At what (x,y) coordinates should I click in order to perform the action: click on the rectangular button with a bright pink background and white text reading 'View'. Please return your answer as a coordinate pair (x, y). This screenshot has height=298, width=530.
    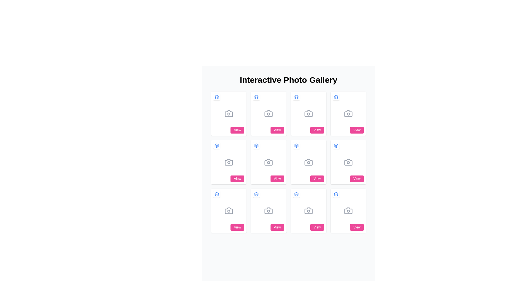
    Looking at the image, I should click on (237, 130).